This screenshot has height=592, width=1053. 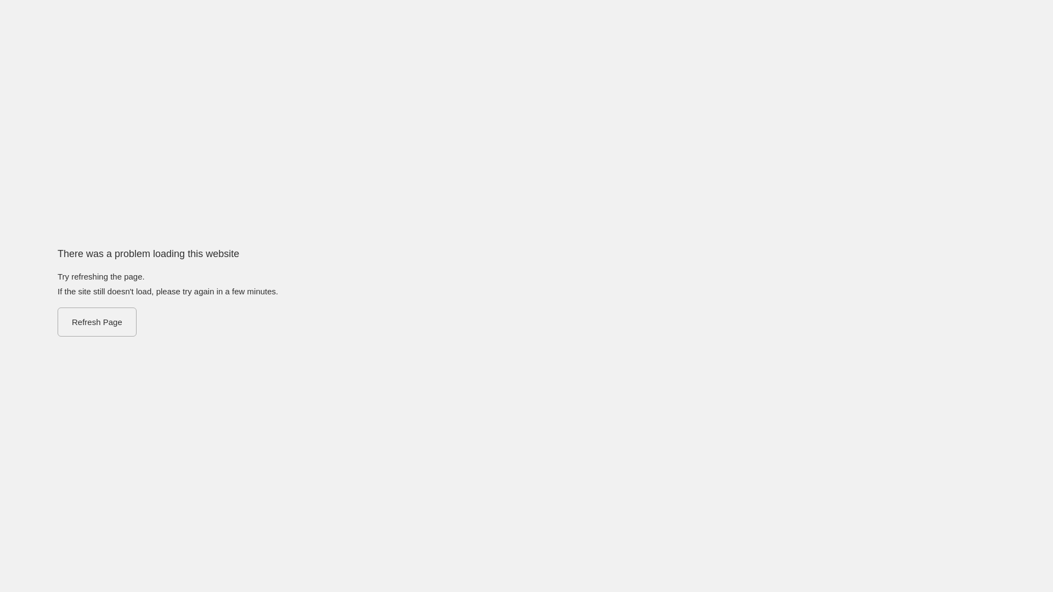 What do you see at coordinates (57, 321) in the screenshot?
I see `'Refresh Page'` at bounding box center [57, 321].